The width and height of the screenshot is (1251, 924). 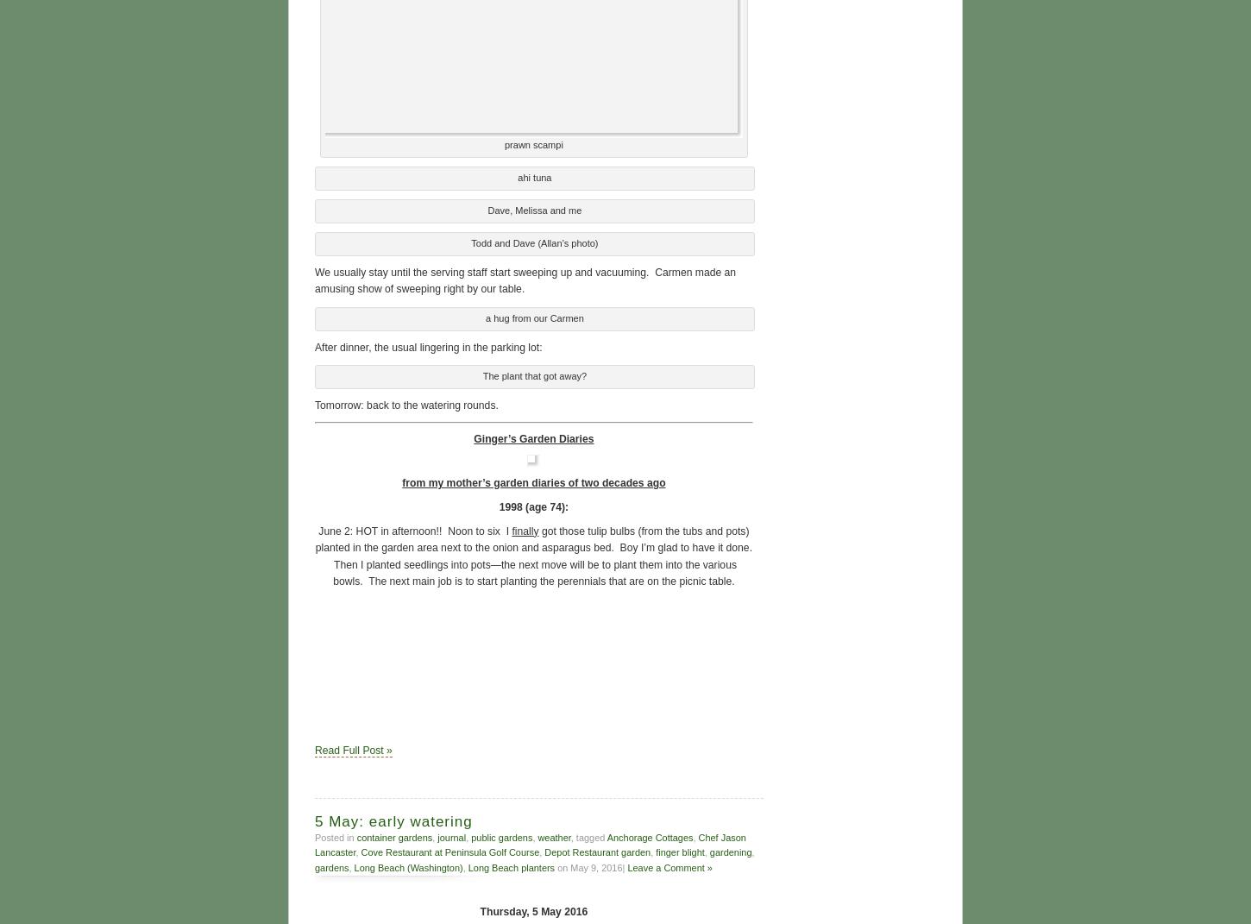 What do you see at coordinates (670, 864) in the screenshot?
I see `'Leave a Comment »'` at bounding box center [670, 864].